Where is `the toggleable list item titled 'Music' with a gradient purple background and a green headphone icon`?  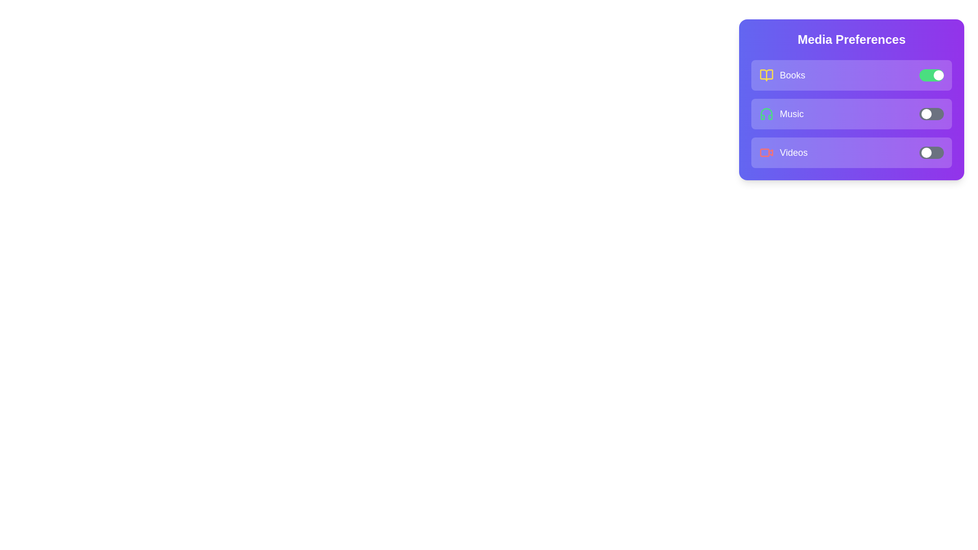
the toggleable list item titled 'Music' with a gradient purple background and a green headphone icon is located at coordinates (851, 114).